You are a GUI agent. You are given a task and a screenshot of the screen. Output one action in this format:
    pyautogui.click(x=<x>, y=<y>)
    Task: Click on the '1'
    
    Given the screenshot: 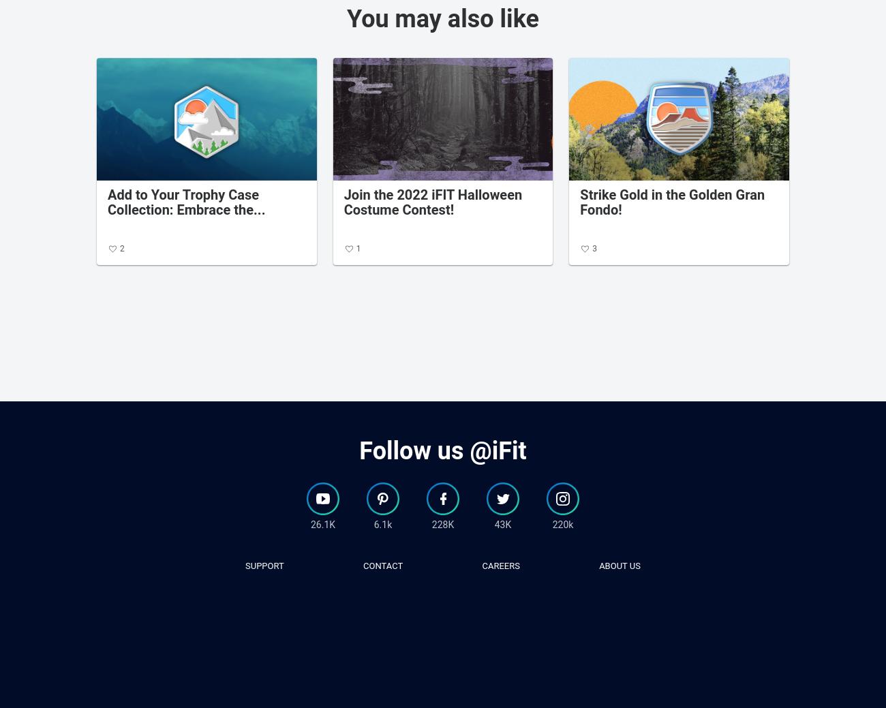 What is the action you would take?
    pyautogui.click(x=358, y=248)
    